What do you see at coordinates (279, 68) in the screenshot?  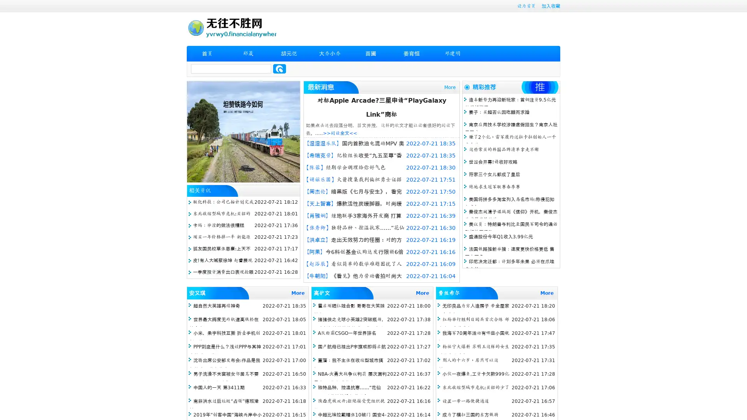 I see `Search` at bounding box center [279, 68].